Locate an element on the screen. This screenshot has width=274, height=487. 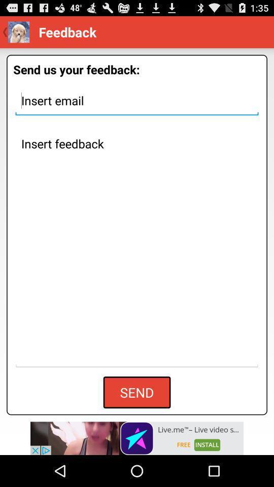
the advertisement is located at coordinates (137, 438).